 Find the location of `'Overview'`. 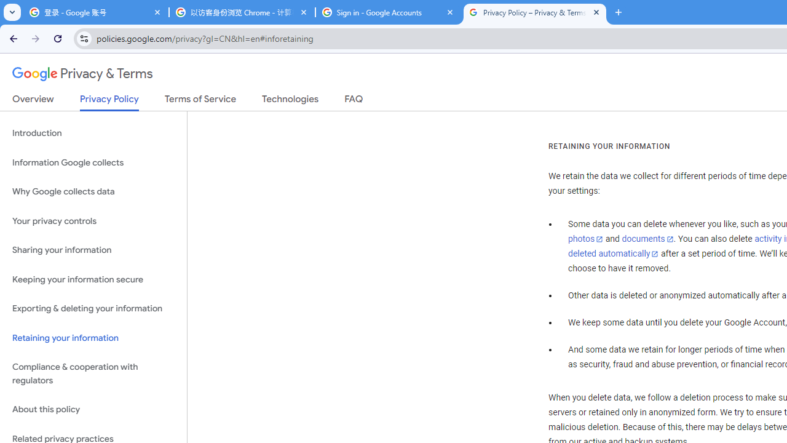

'Overview' is located at coordinates (33, 101).